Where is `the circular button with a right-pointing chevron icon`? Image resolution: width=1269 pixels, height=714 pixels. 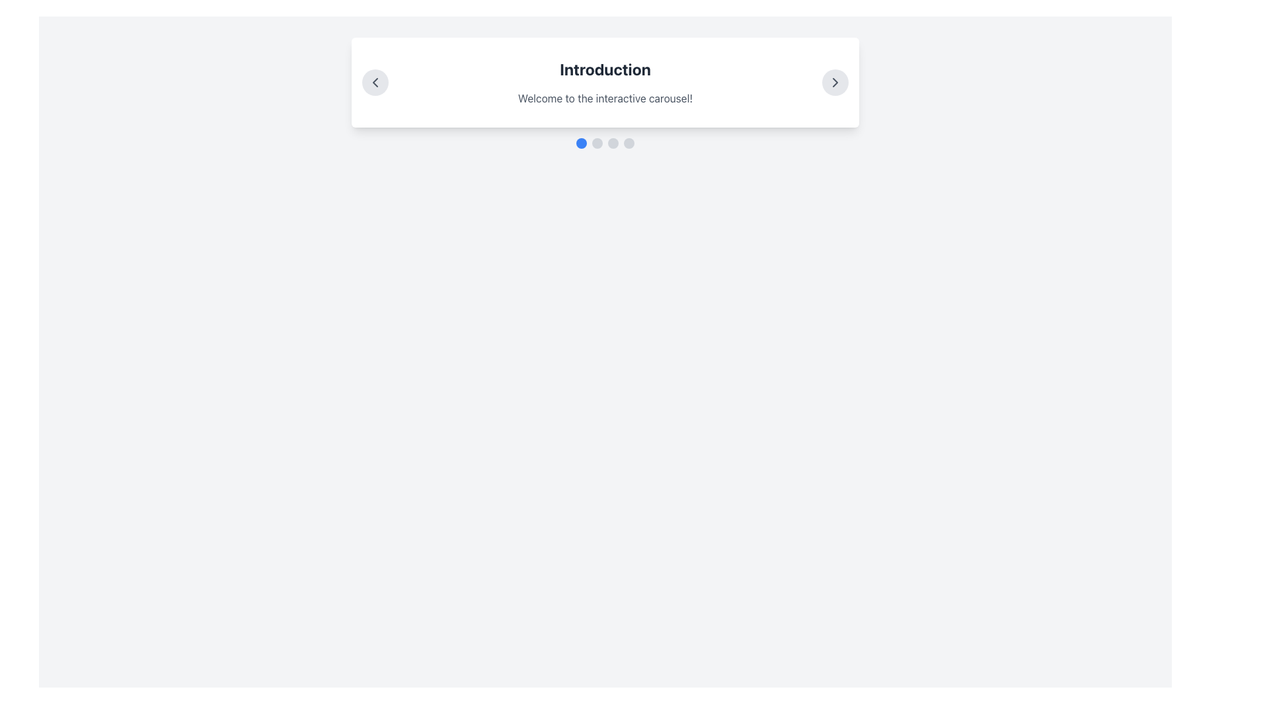 the circular button with a right-pointing chevron icon is located at coordinates (834, 82).